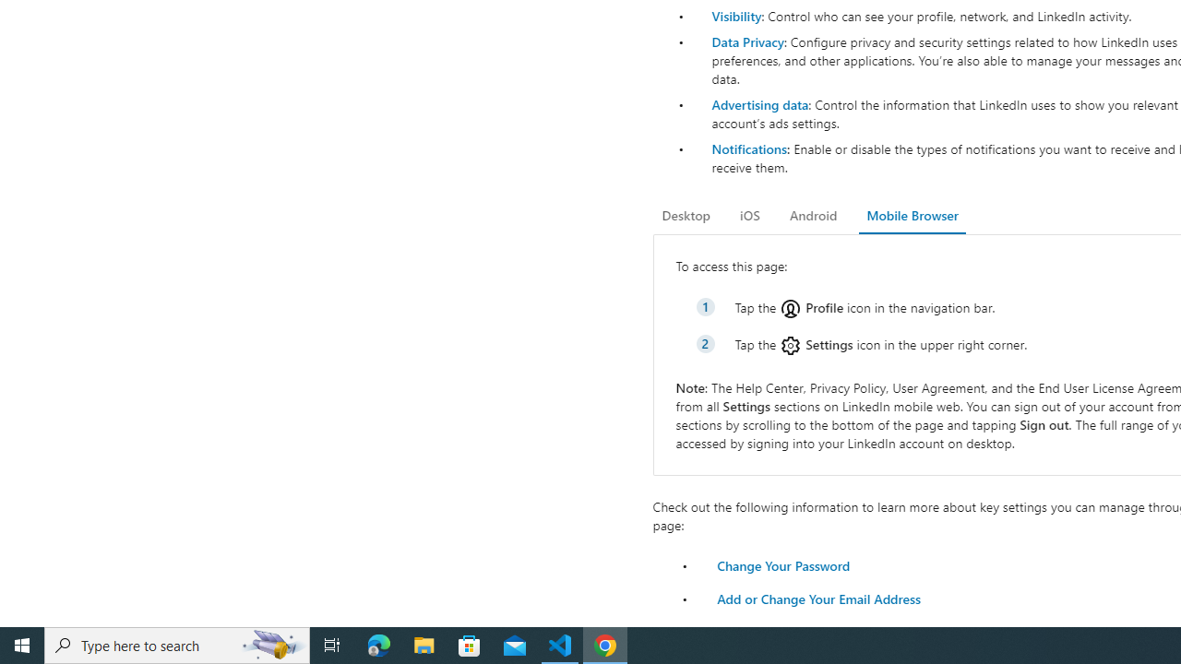 This screenshot has width=1181, height=664. What do you see at coordinates (812, 215) in the screenshot?
I see `'Android'` at bounding box center [812, 215].